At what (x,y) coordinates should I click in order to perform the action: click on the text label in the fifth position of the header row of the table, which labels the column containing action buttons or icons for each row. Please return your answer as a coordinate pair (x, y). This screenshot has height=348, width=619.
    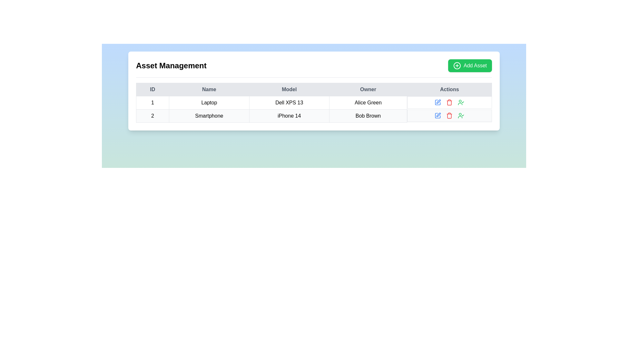
    Looking at the image, I should click on (449, 89).